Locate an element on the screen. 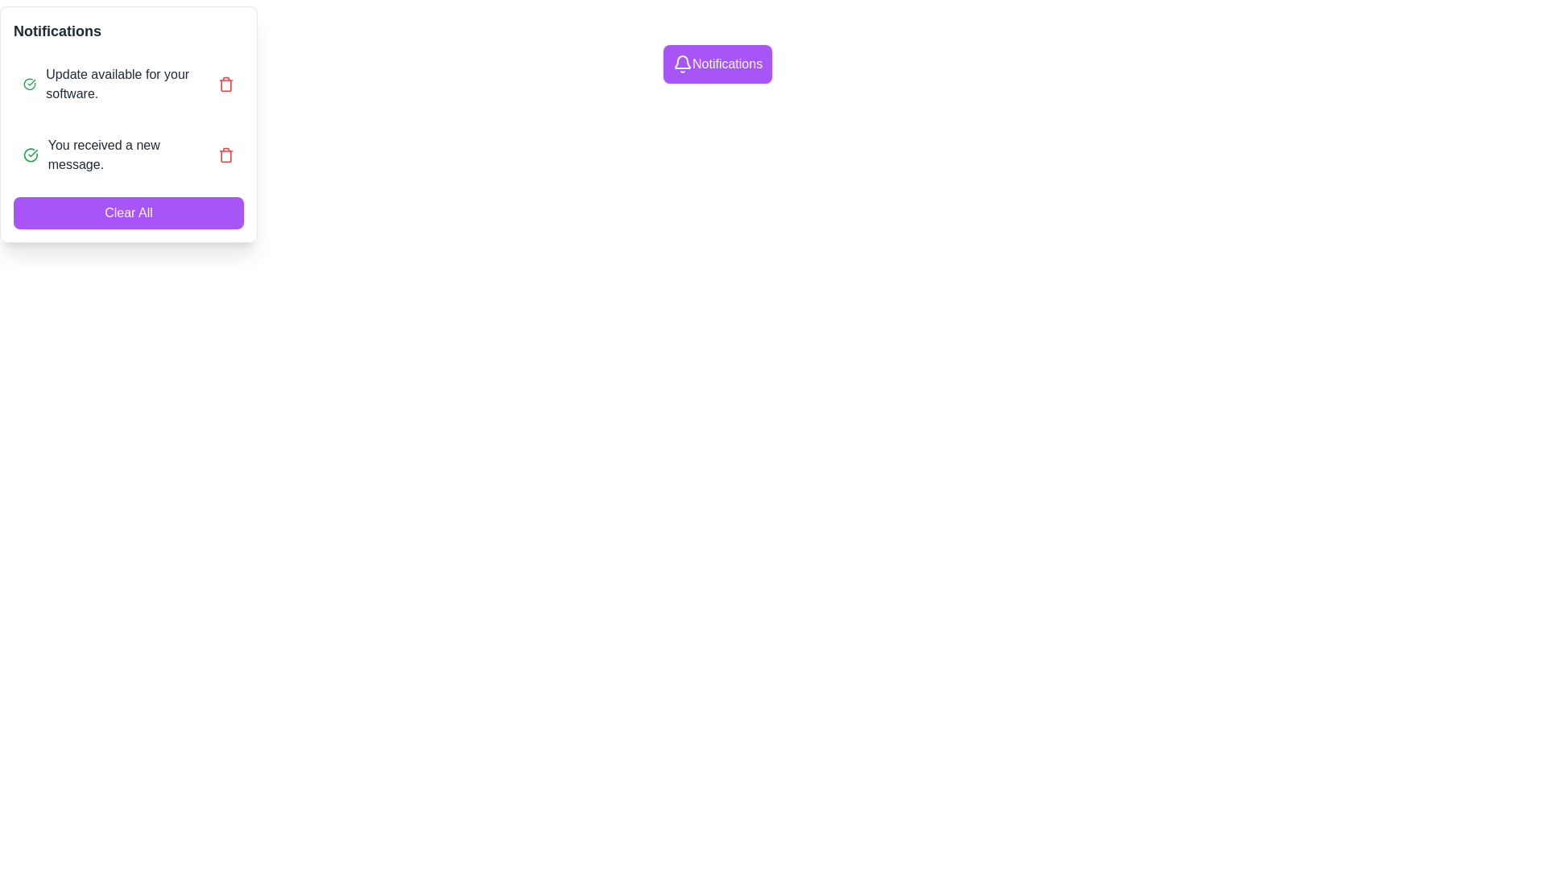 The width and height of the screenshot is (1546, 869). bell icon located in the middle of the purple button labeled 'Notifications' for design purposes is located at coordinates (683, 61).